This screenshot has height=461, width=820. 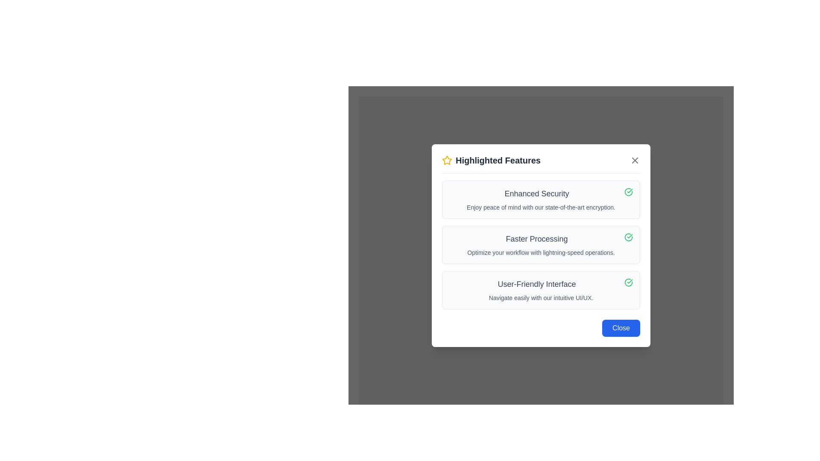 I want to click on the lower-right part of the 'X' shape within the close button located in the top right corner of the 'Highlighted Features' modal dialog, so click(x=635, y=160).